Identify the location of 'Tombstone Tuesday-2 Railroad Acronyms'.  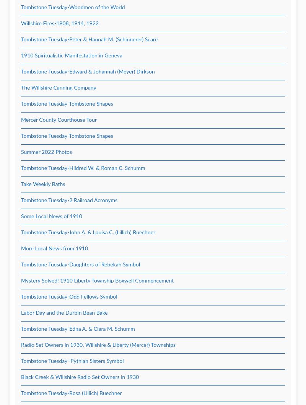
(69, 200).